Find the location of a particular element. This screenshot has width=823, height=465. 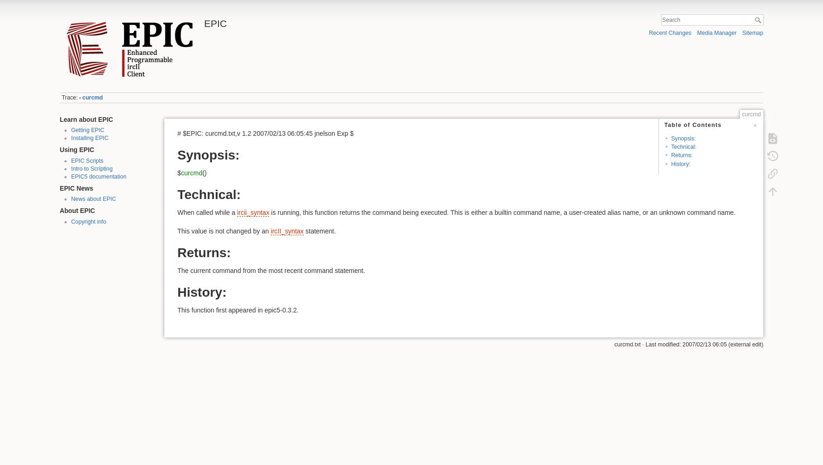

'Table of Contents' is located at coordinates (692, 125).